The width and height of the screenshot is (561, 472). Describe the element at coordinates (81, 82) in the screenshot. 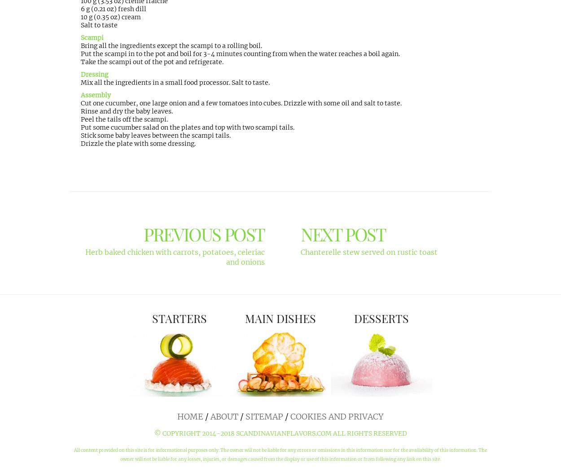

I see `'Mix all the ingredients in a small food processor. Salt to taste.'` at that location.